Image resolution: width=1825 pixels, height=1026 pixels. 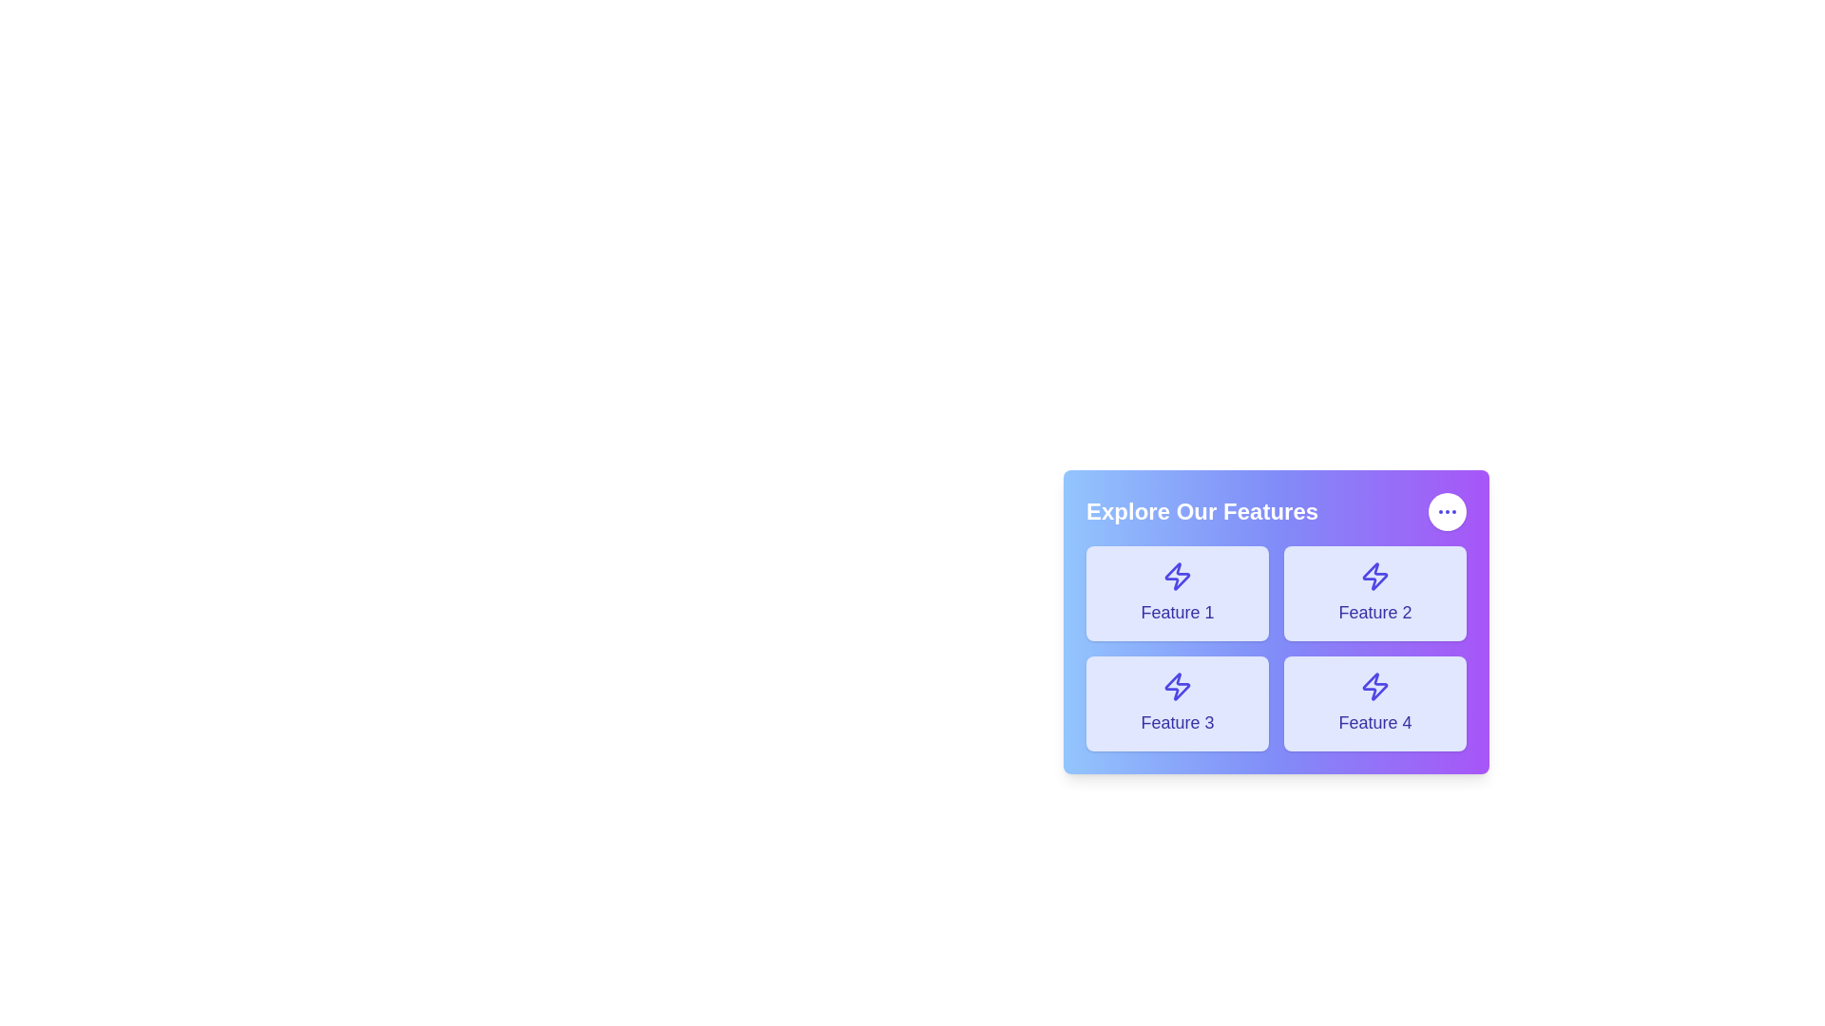 I want to click on text label located at the bottom center of the light-indigo-colored 'Feature 3' card within the 'Explore Our Features' panel, so click(x=1176, y=722).